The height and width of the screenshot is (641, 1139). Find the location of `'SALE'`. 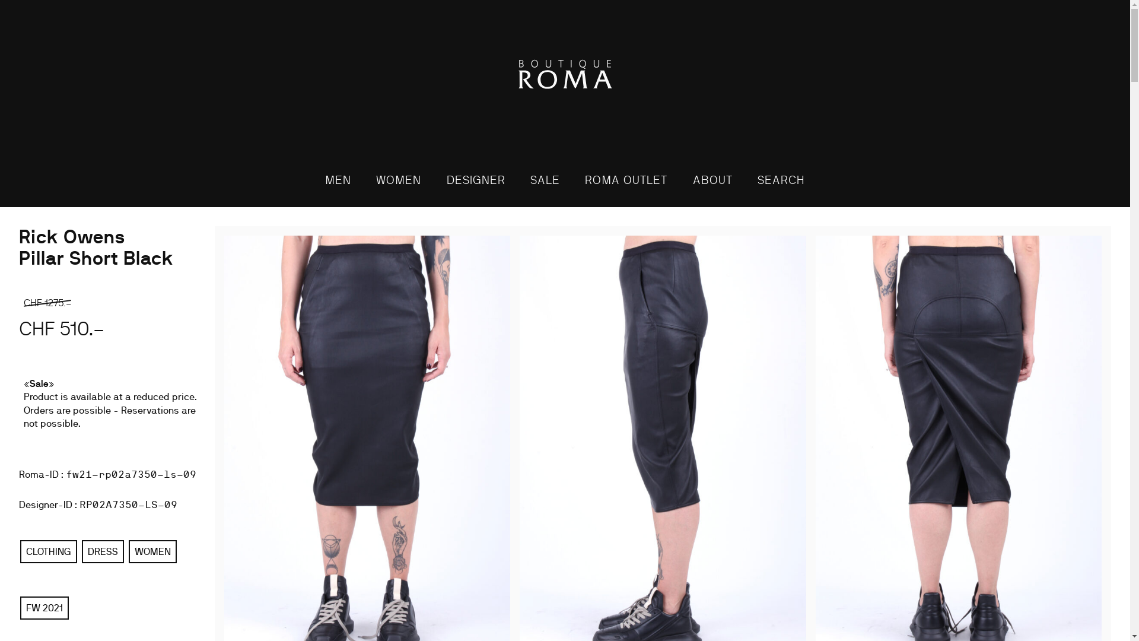

'SALE' is located at coordinates (544, 180).